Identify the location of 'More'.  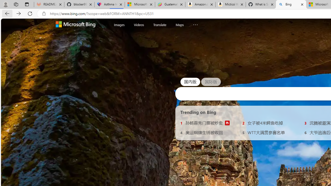
(195, 24).